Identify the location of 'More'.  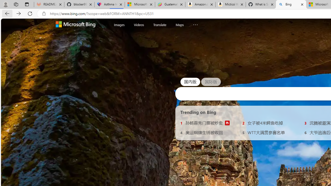
(195, 24).